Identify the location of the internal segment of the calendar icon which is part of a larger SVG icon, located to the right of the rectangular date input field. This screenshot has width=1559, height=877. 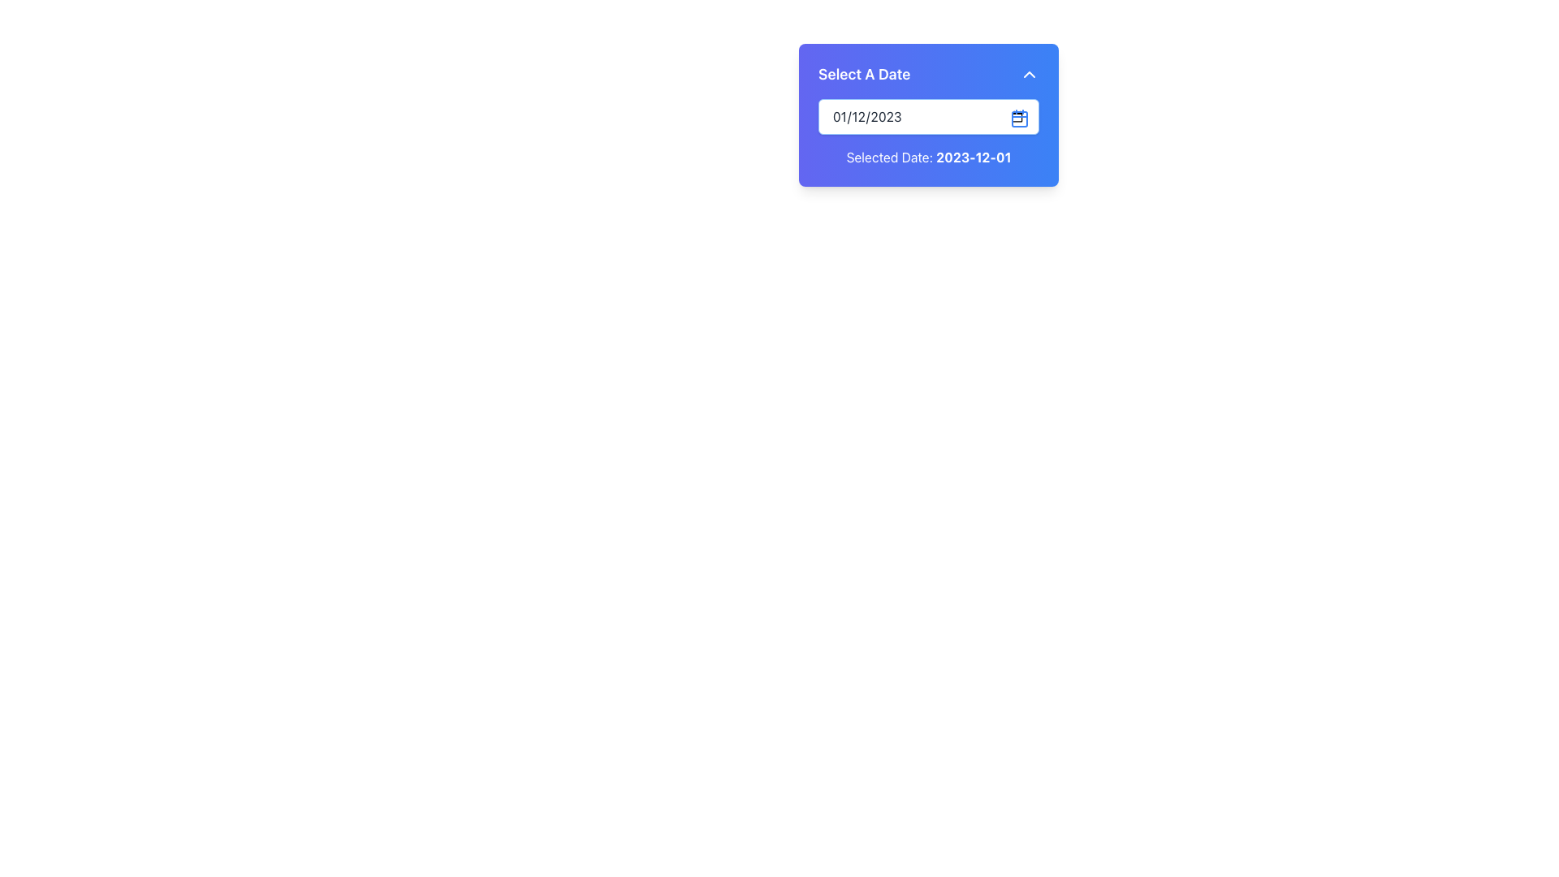
(1019, 118).